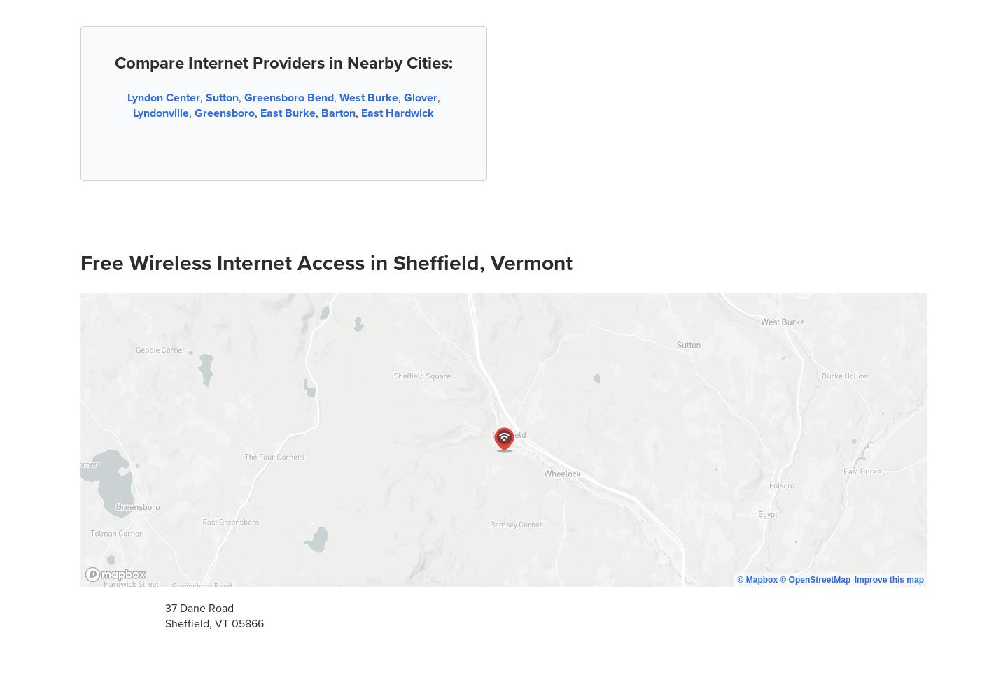 The image size is (1008, 696). Describe the element at coordinates (244, 97) in the screenshot. I see `'Greensboro Bend'` at that location.